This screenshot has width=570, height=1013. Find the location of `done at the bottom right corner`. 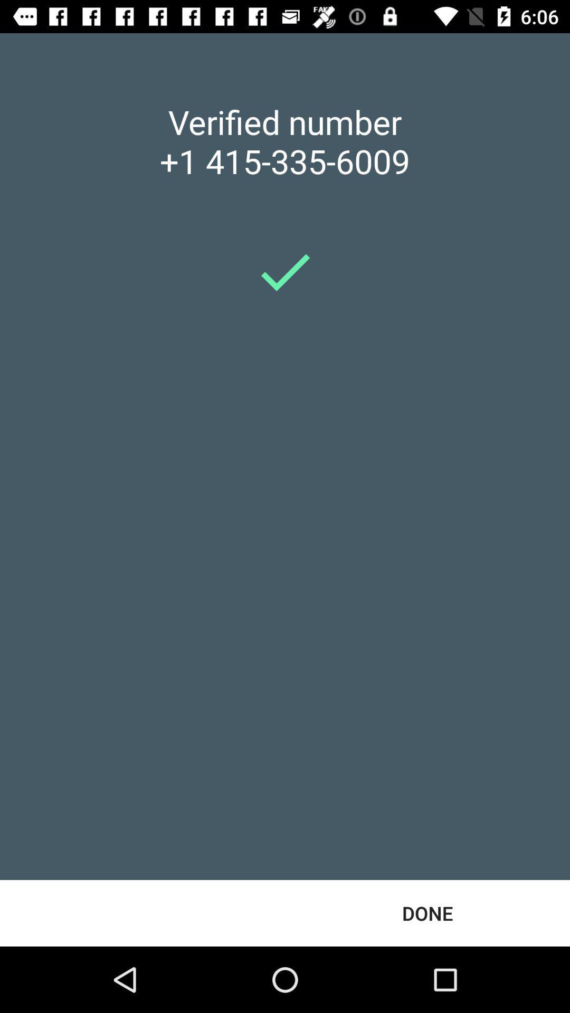

done at the bottom right corner is located at coordinates (427, 913).